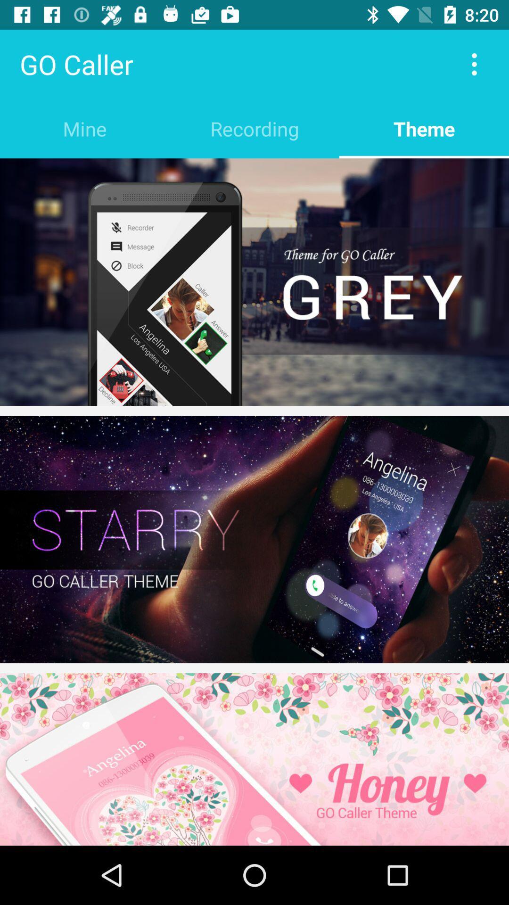 This screenshot has width=509, height=905. Describe the element at coordinates (474, 64) in the screenshot. I see `the more icon` at that location.